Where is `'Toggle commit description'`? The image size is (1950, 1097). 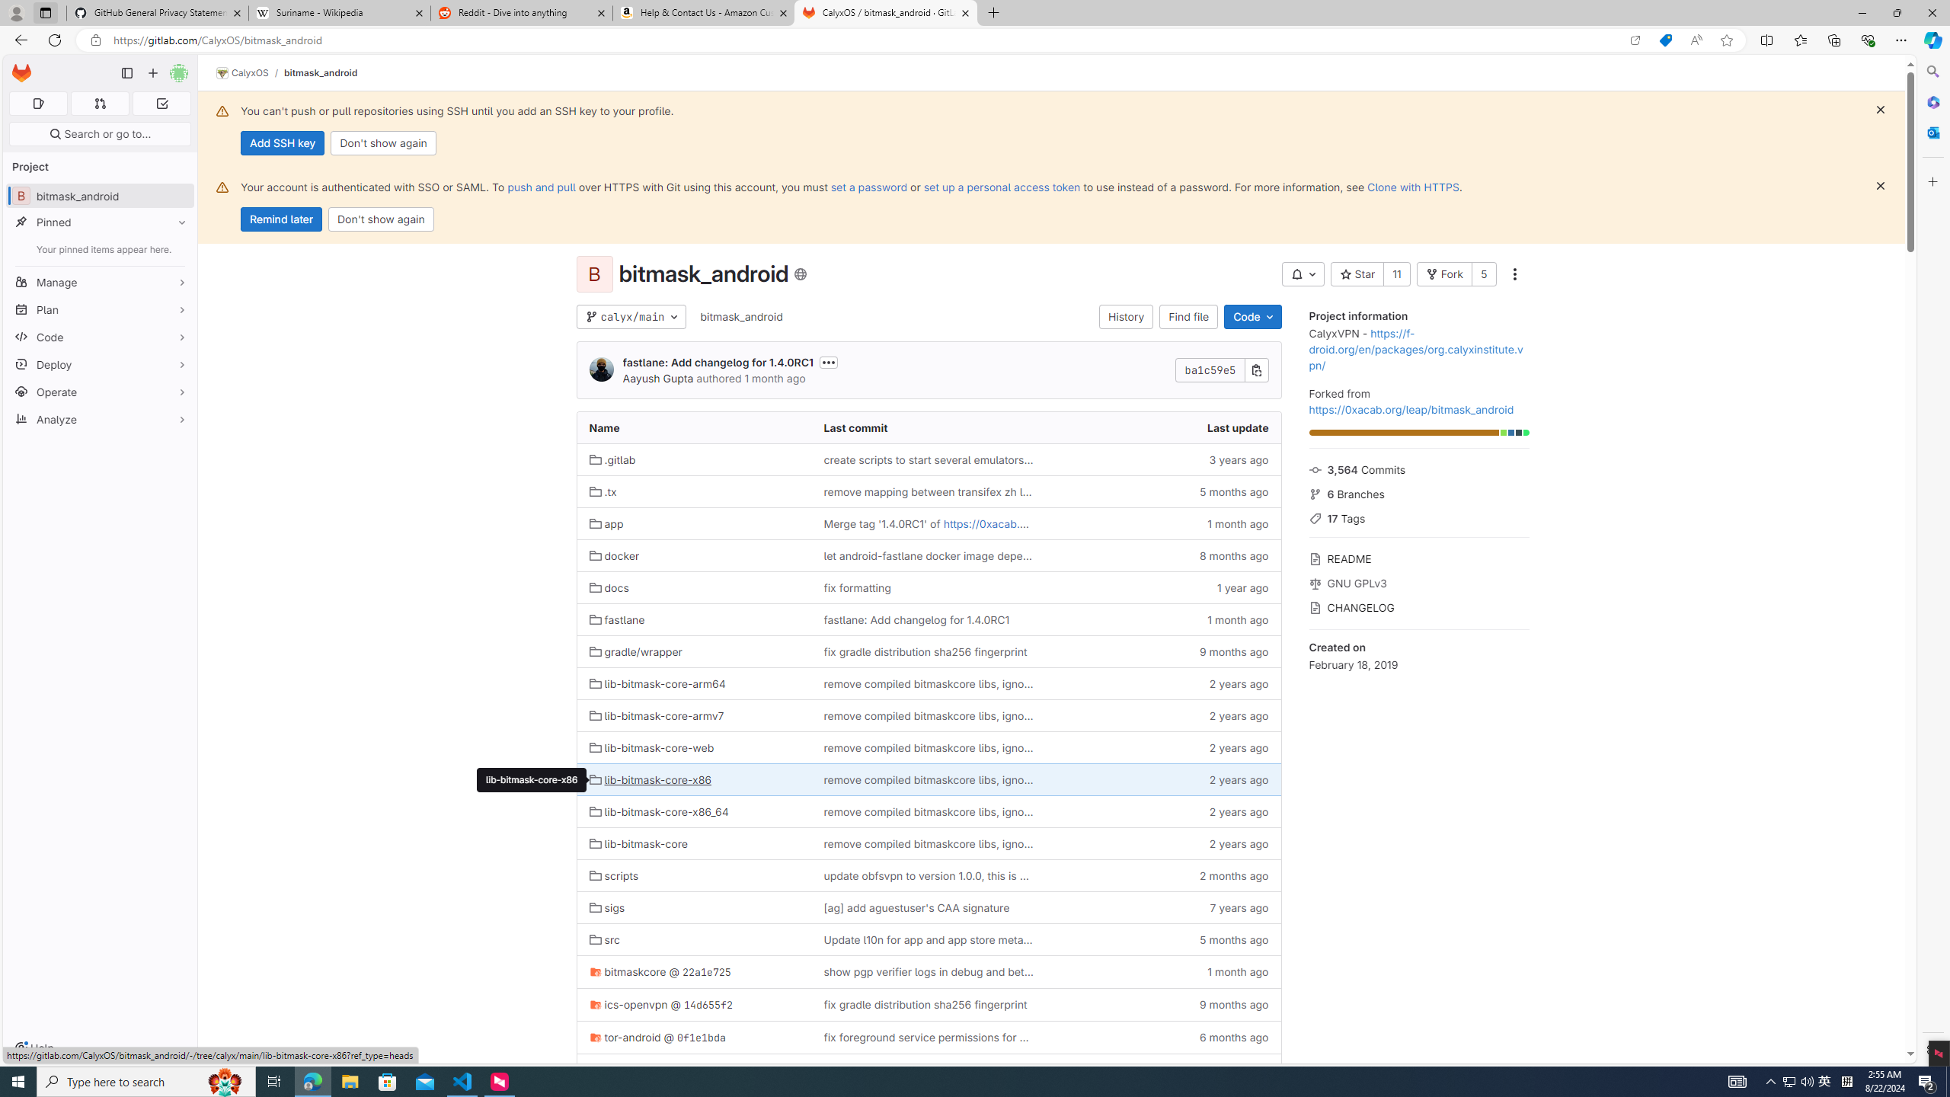
'Toggle commit description' is located at coordinates (829, 361).